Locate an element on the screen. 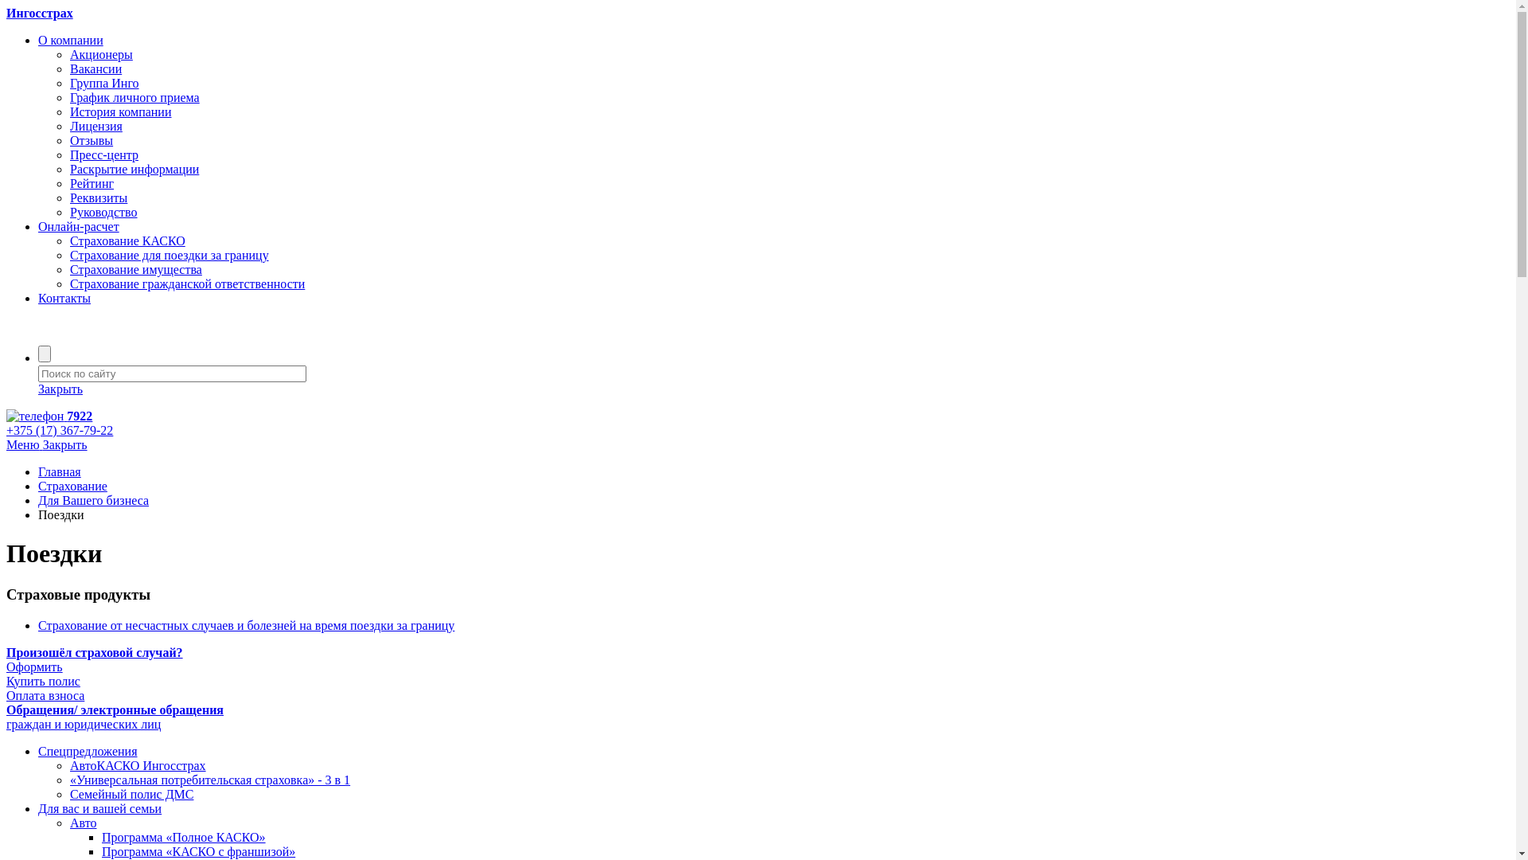 Image resolution: width=1528 pixels, height=860 pixels. '+375 (17) 367-79-22' is located at coordinates (757, 430).